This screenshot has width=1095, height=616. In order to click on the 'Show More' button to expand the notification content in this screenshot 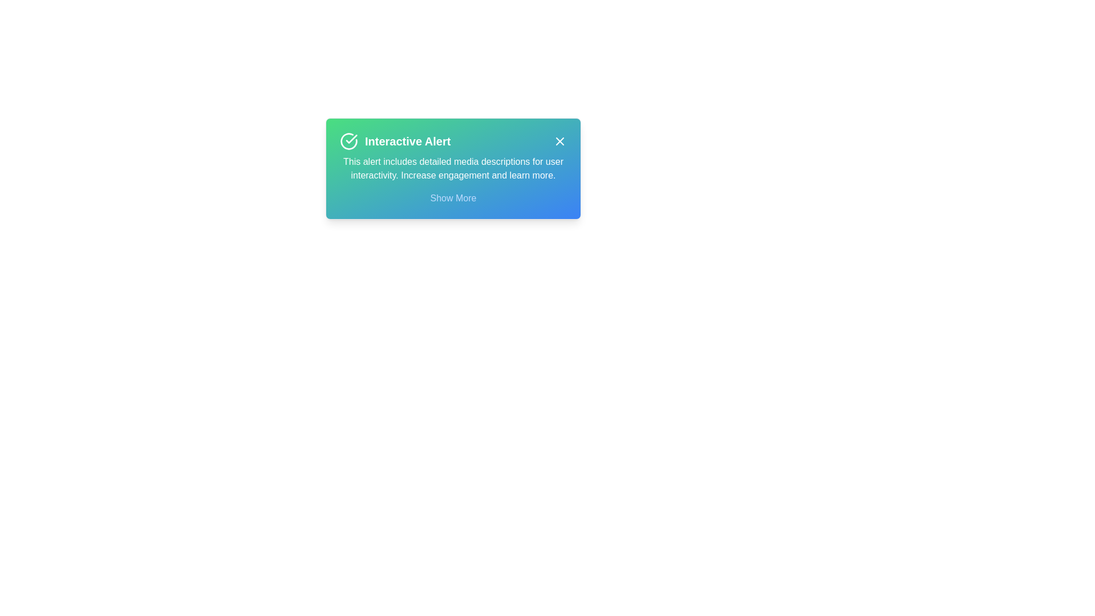, I will do `click(453, 197)`.